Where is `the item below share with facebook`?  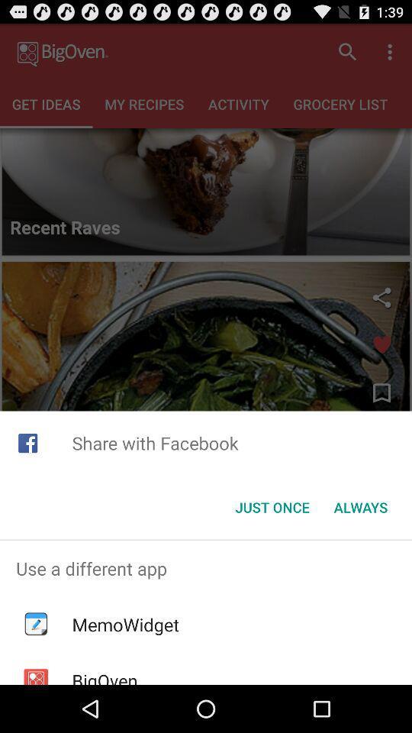
the item below share with facebook is located at coordinates (272, 507).